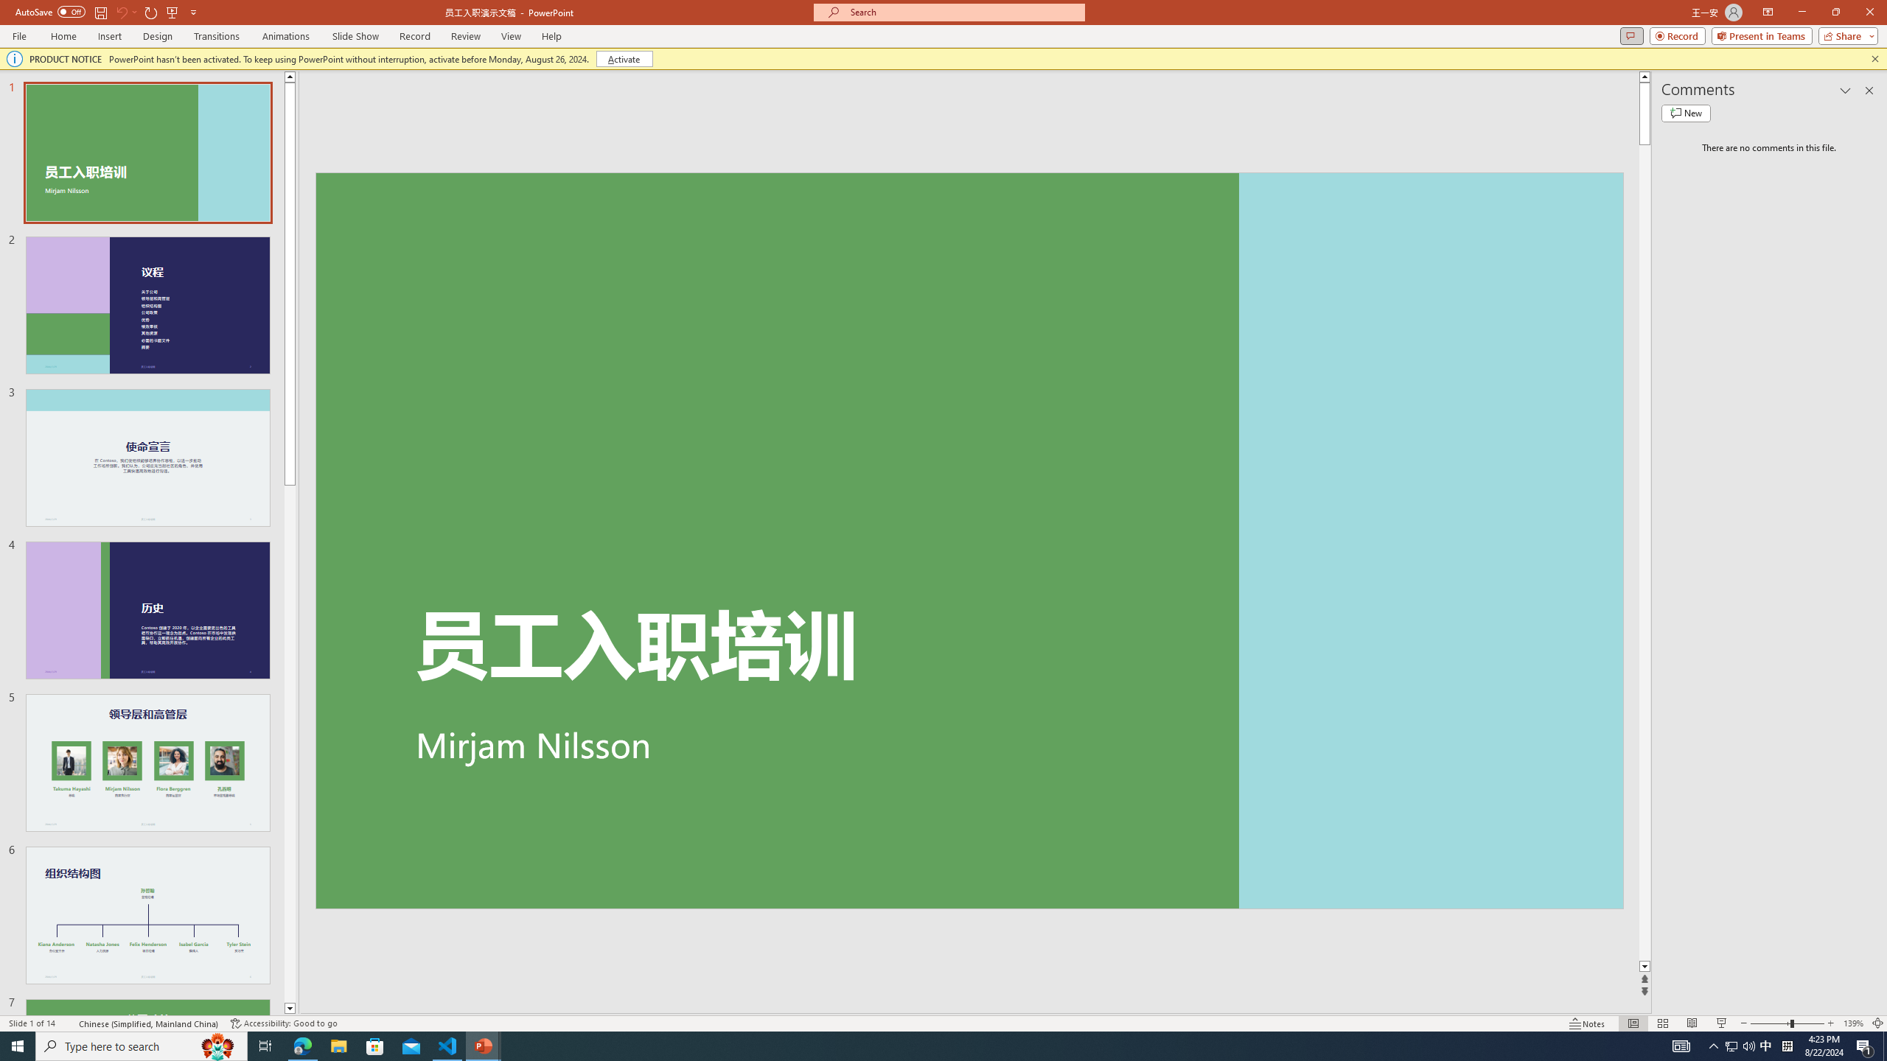  Describe the element at coordinates (1874, 57) in the screenshot. I see `'Close this message'` at that location.